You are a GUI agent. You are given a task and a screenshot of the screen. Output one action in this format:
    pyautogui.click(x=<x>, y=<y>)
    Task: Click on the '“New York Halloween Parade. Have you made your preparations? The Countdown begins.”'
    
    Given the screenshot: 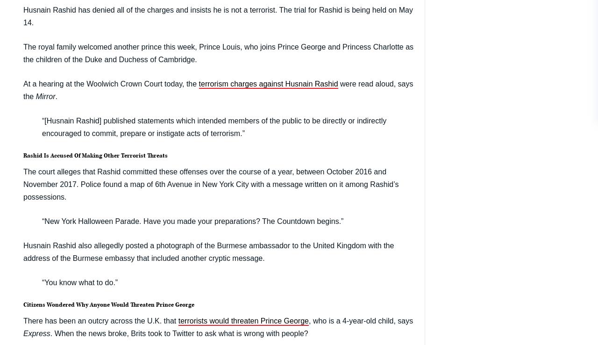 What is the action you would take?
    pyautogui.click(x=192, y=220)
    